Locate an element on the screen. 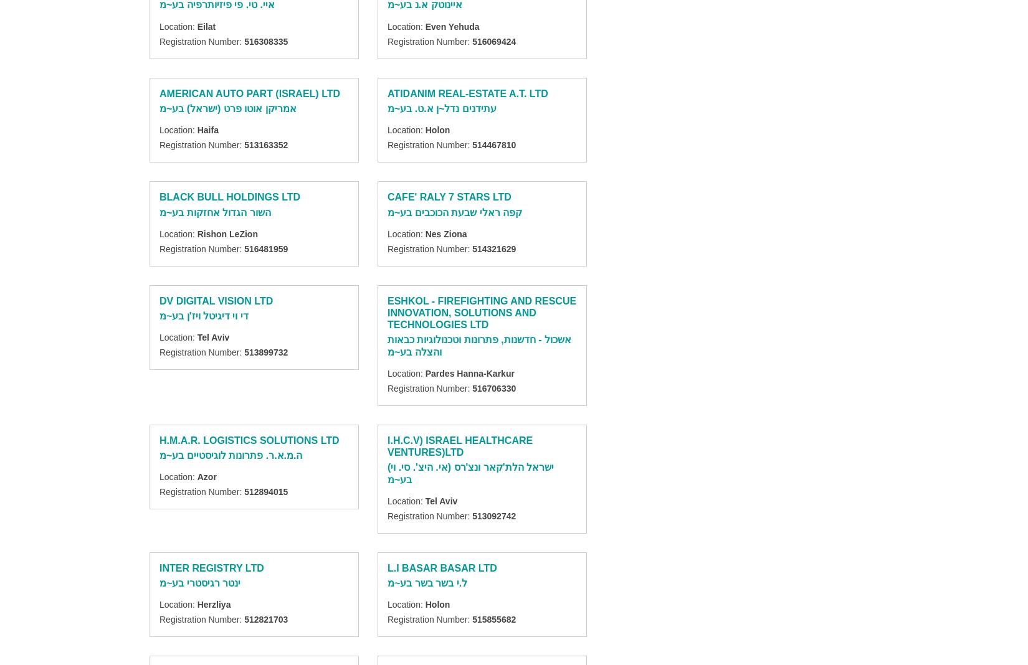  'Even Yehuda' is located at coordinates (451, 25).